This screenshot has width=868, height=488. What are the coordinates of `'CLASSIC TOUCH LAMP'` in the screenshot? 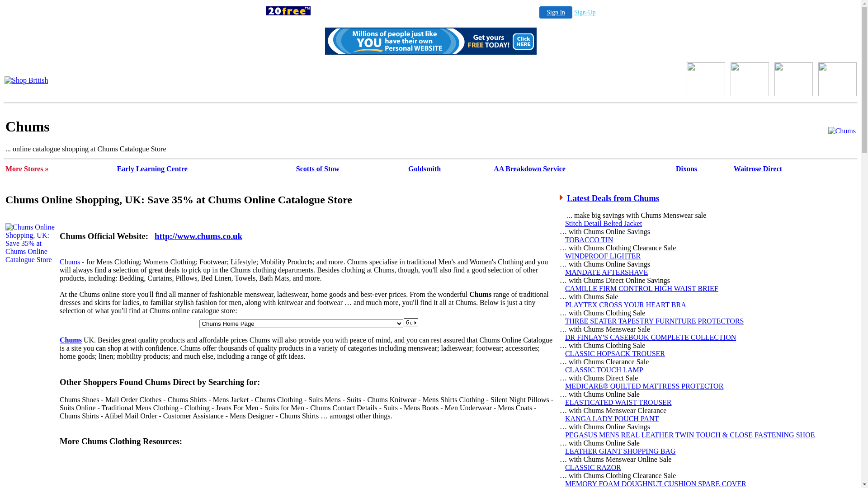 It's located at (604, 370).